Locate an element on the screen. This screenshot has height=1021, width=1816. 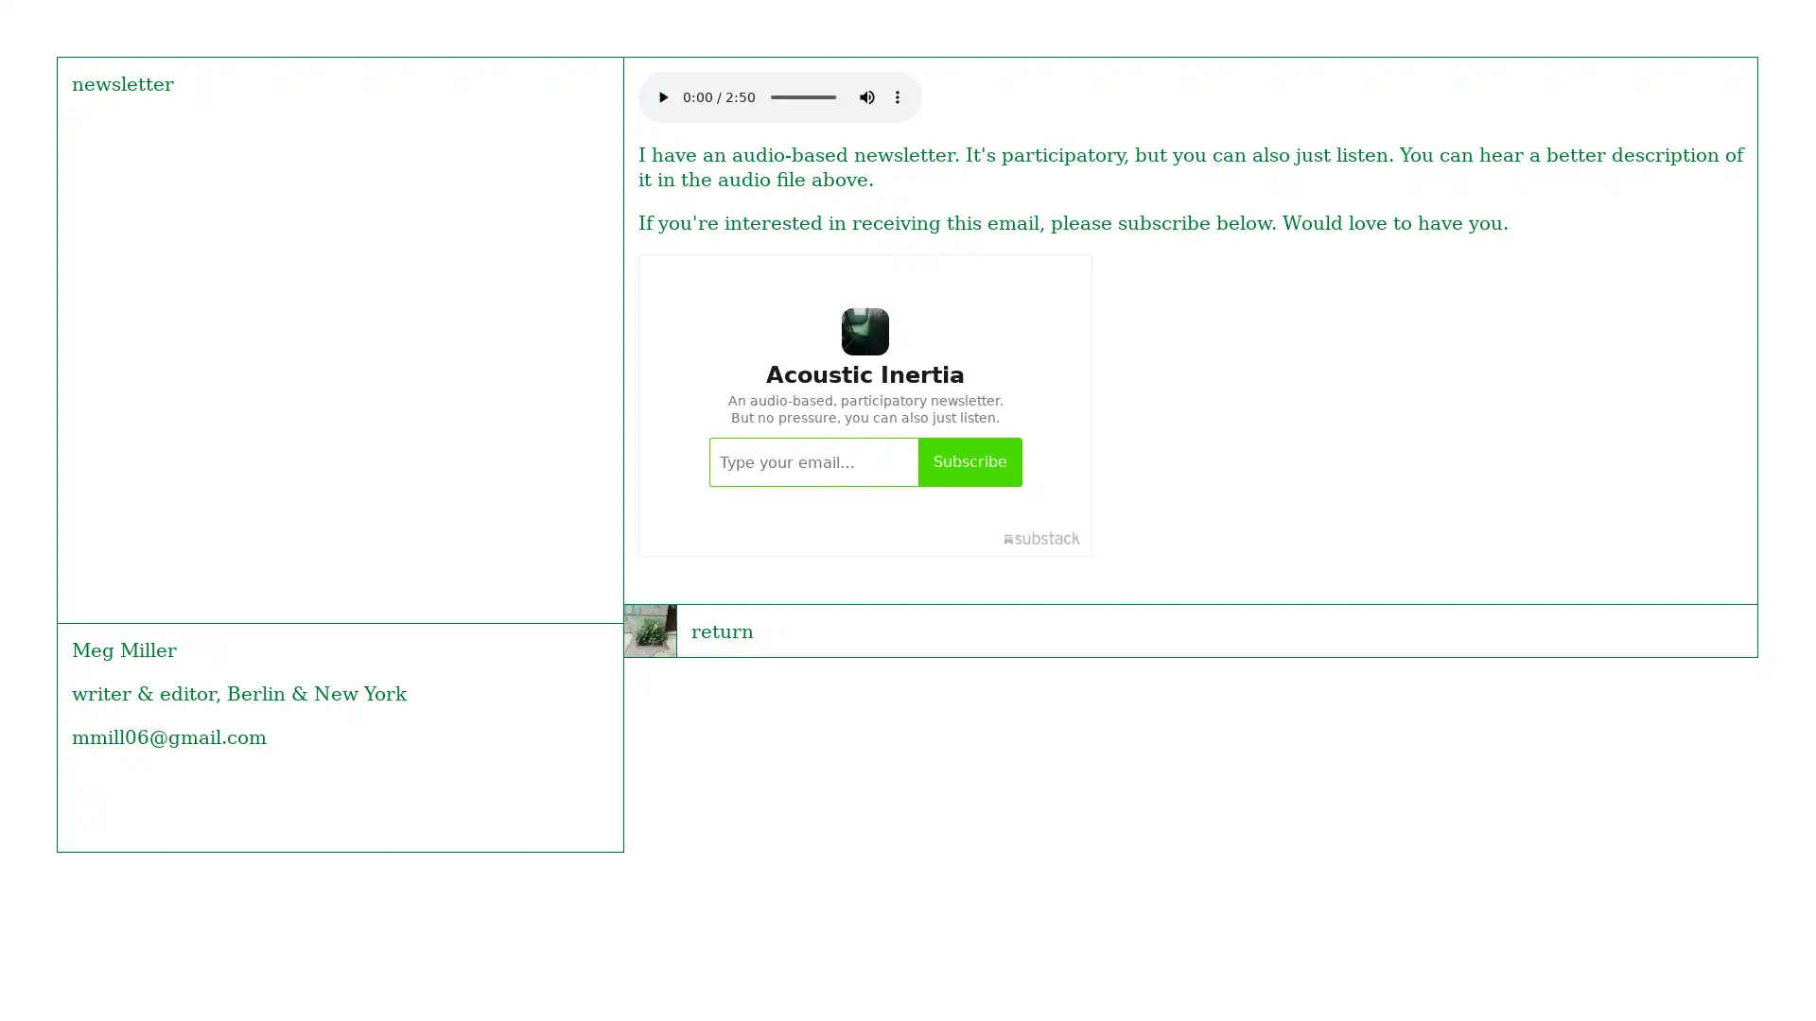
show more media controls is located at coordinates (896, 95).